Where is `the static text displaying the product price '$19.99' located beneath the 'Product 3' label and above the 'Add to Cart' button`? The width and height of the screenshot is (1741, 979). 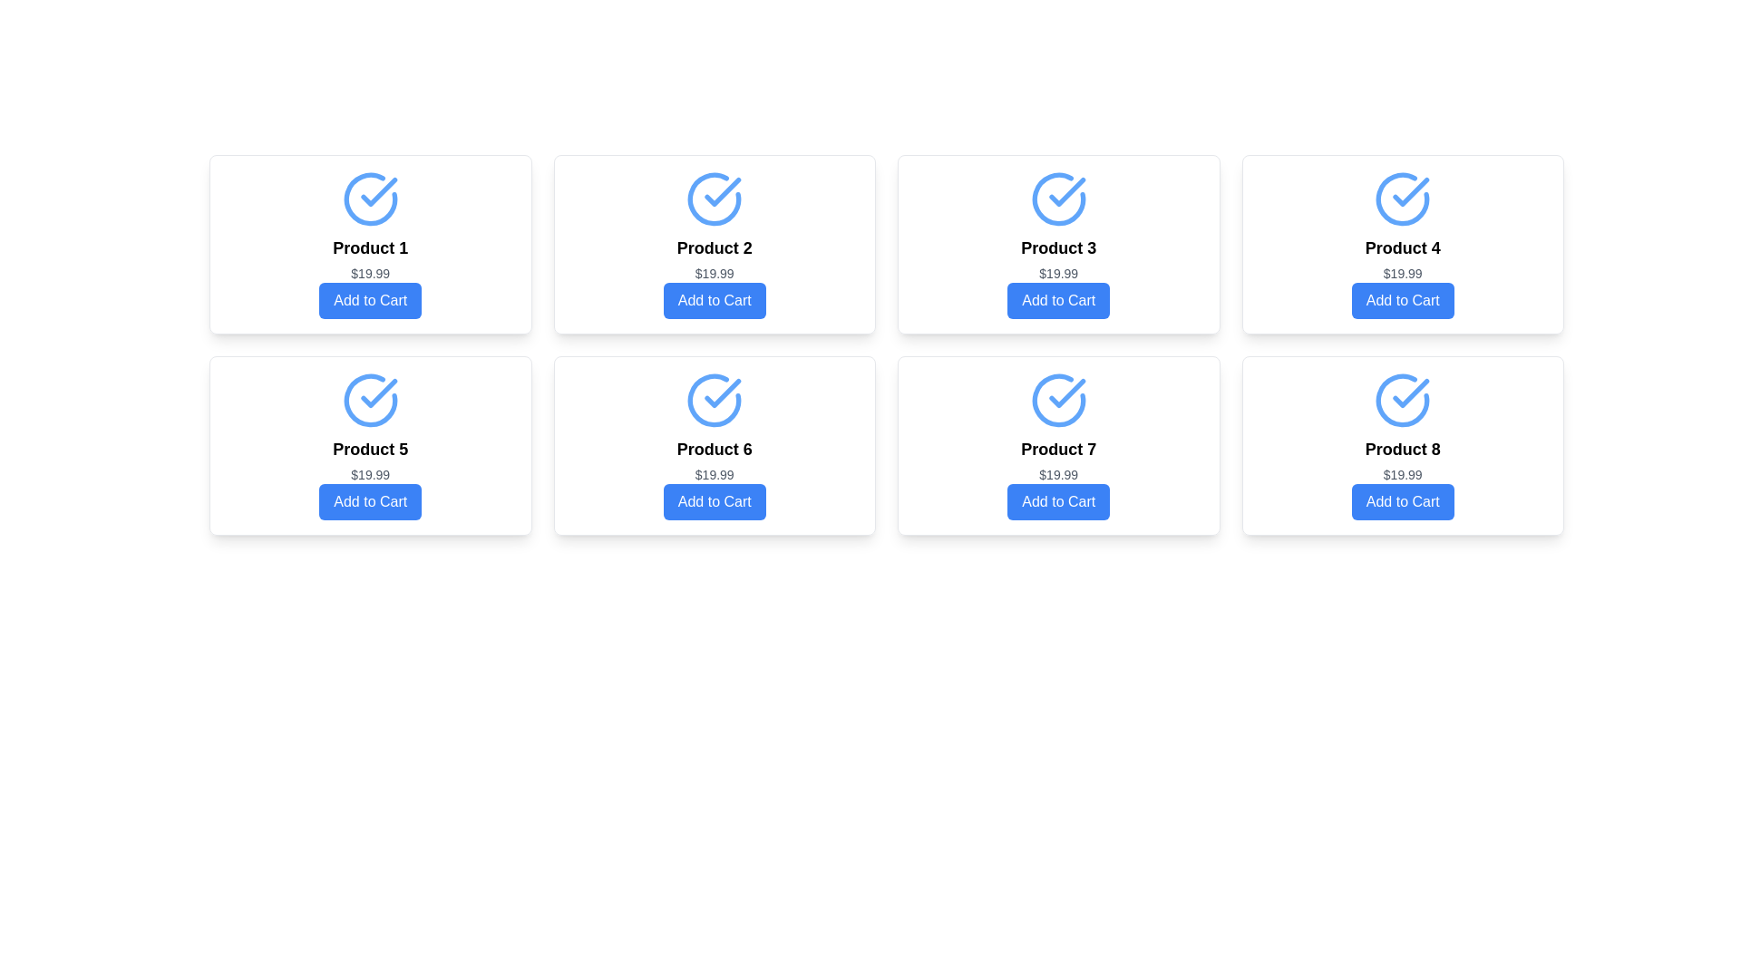
the static text displaying the product price '$19.99' located beneath the 'Product 3' label and above the 'Add to Cart' button is located at coordinates (1058, 273).